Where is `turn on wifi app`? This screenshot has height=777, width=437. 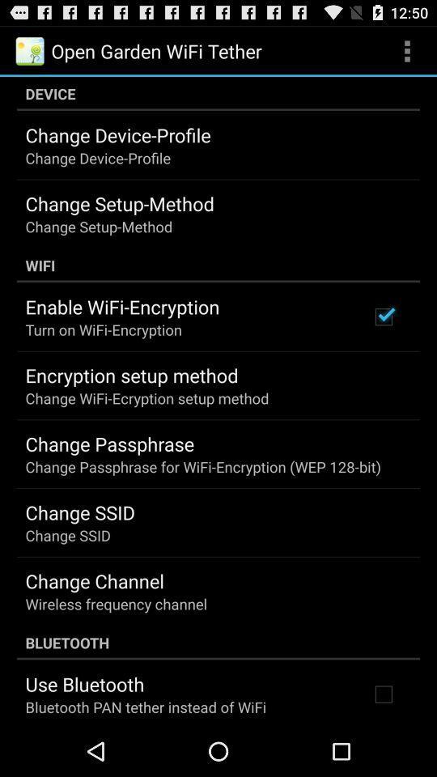 turn on wifi app is located at coordinates (104, 329).